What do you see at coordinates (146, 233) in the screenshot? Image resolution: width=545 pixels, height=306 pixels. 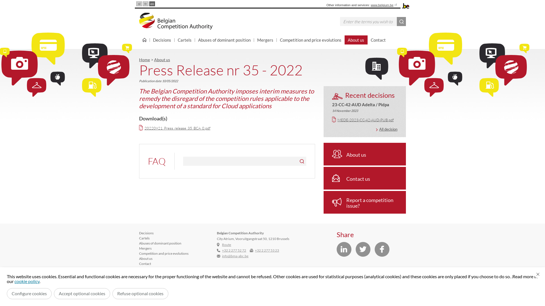 I see `'Decisions'` at bounding box center [146, 233].